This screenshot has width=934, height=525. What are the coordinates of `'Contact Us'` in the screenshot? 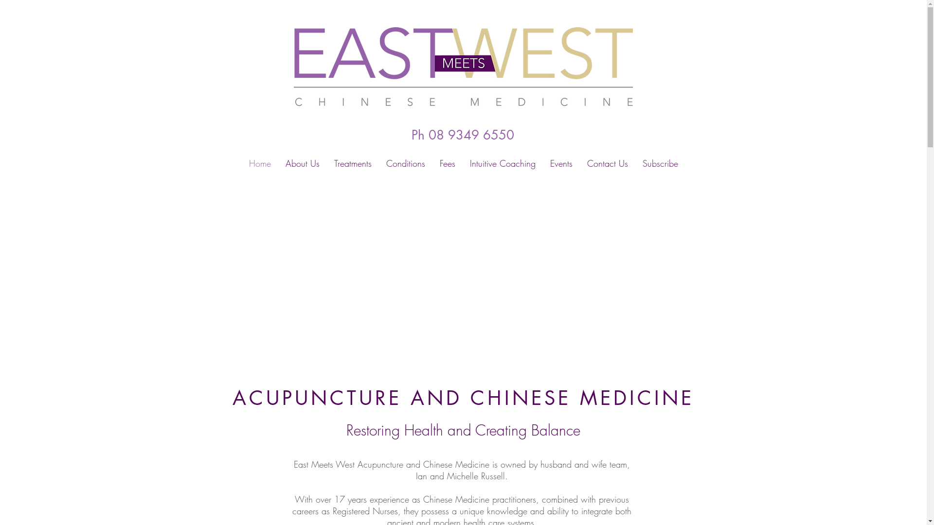 It's located at (579, 162).